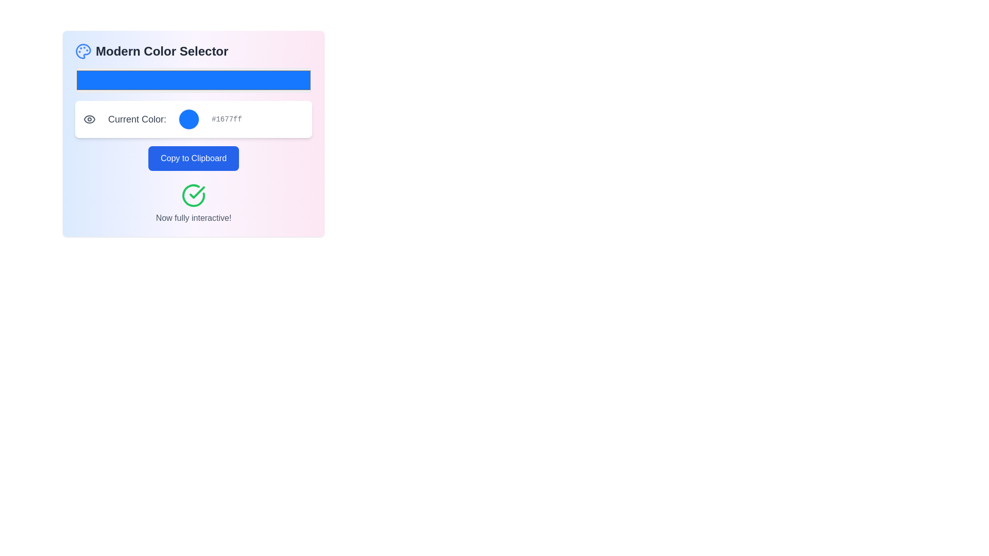  I want to click on the color selection icon located in the header section next to the text 'Modern Color Selector', so click(83, 51).